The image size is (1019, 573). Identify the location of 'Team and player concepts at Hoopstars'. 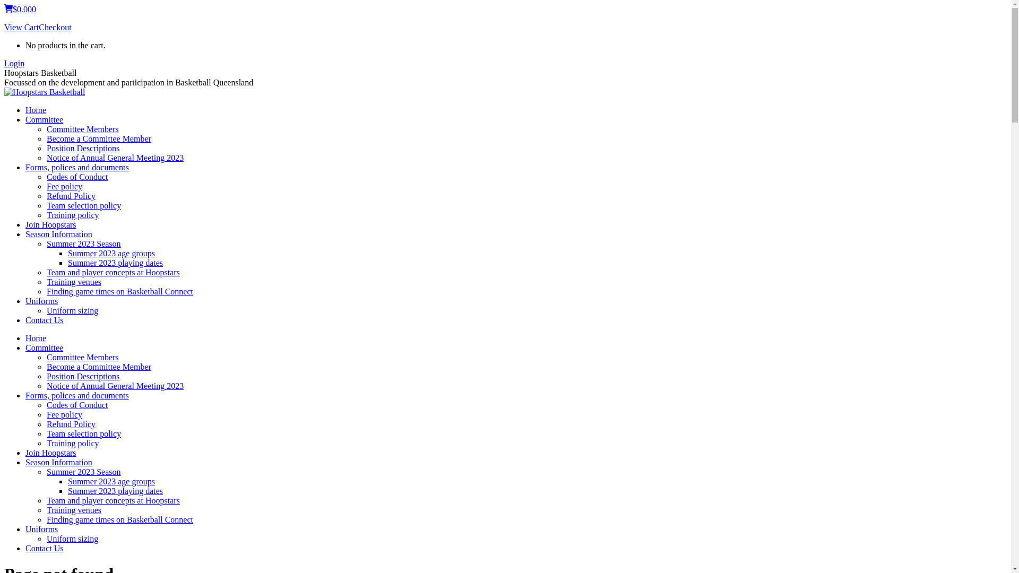
(46, 500).